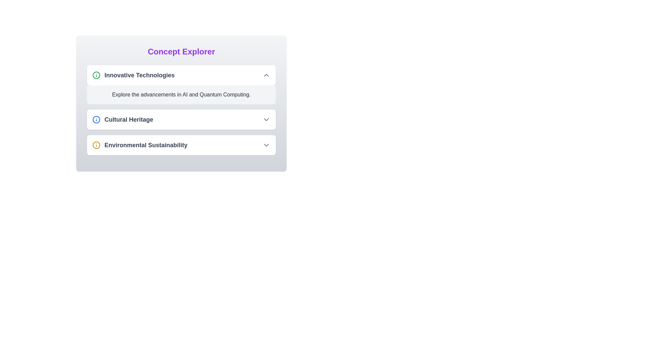 This screenshot has height=363, width=645. Describe the element at coordinates (123, 119) in the screenshot. I see `the 'Cultural Heritage' label located in the second section of the vertically stacked list under the main heading 'Concept Explorer', positioned below 'Innovative Technologies' and above 'Environmental Sustainability'` at that location.